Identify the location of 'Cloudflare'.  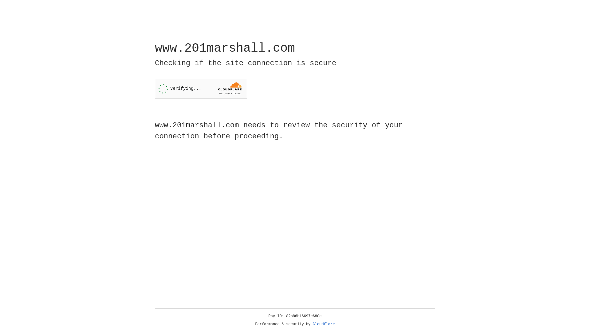
(324, 324).